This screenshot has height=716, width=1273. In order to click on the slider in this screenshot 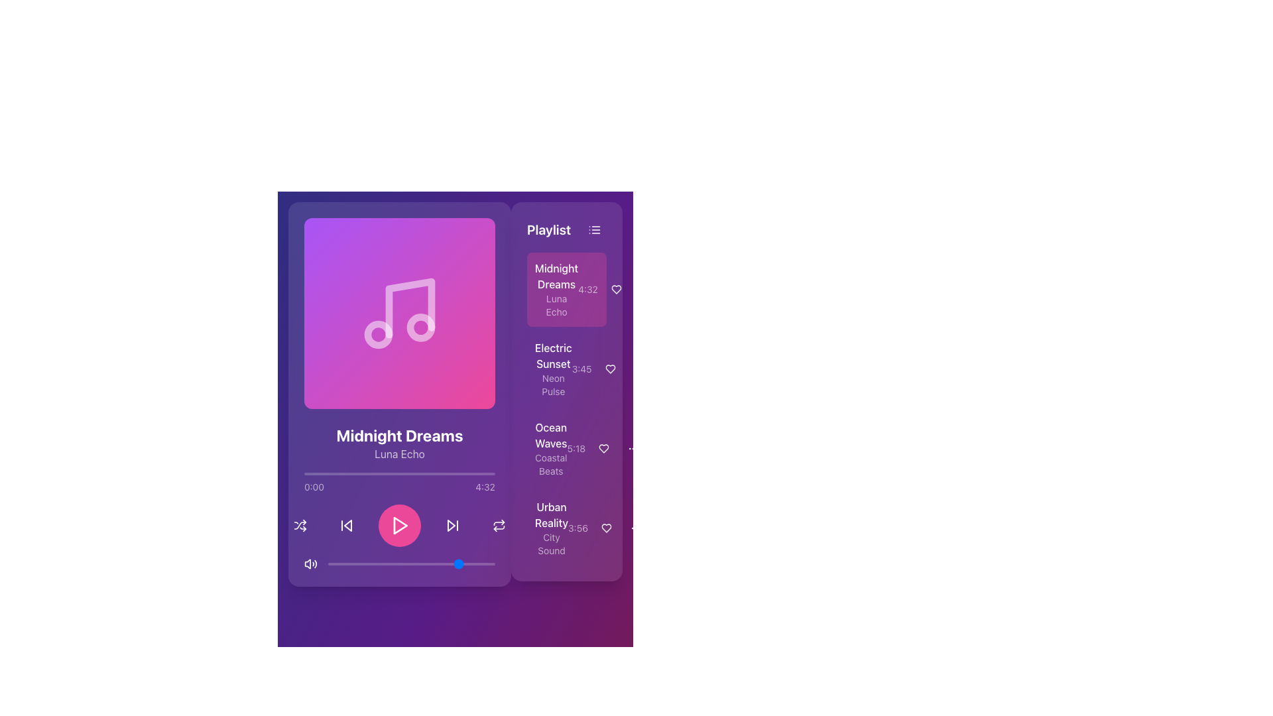, I will do `click(438, 564)`.